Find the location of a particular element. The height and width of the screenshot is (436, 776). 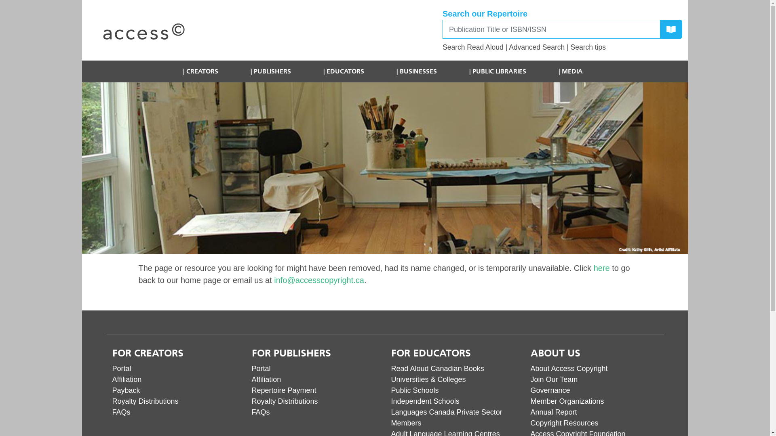

'Royalty Distributions' is located at coordinates (285, 401).